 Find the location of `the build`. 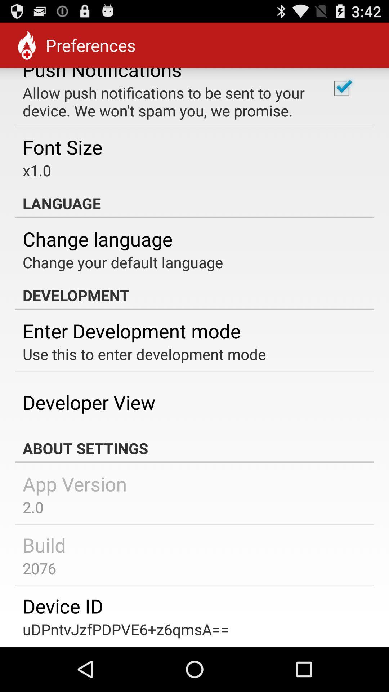

the build is located at coordinates (44, 545).